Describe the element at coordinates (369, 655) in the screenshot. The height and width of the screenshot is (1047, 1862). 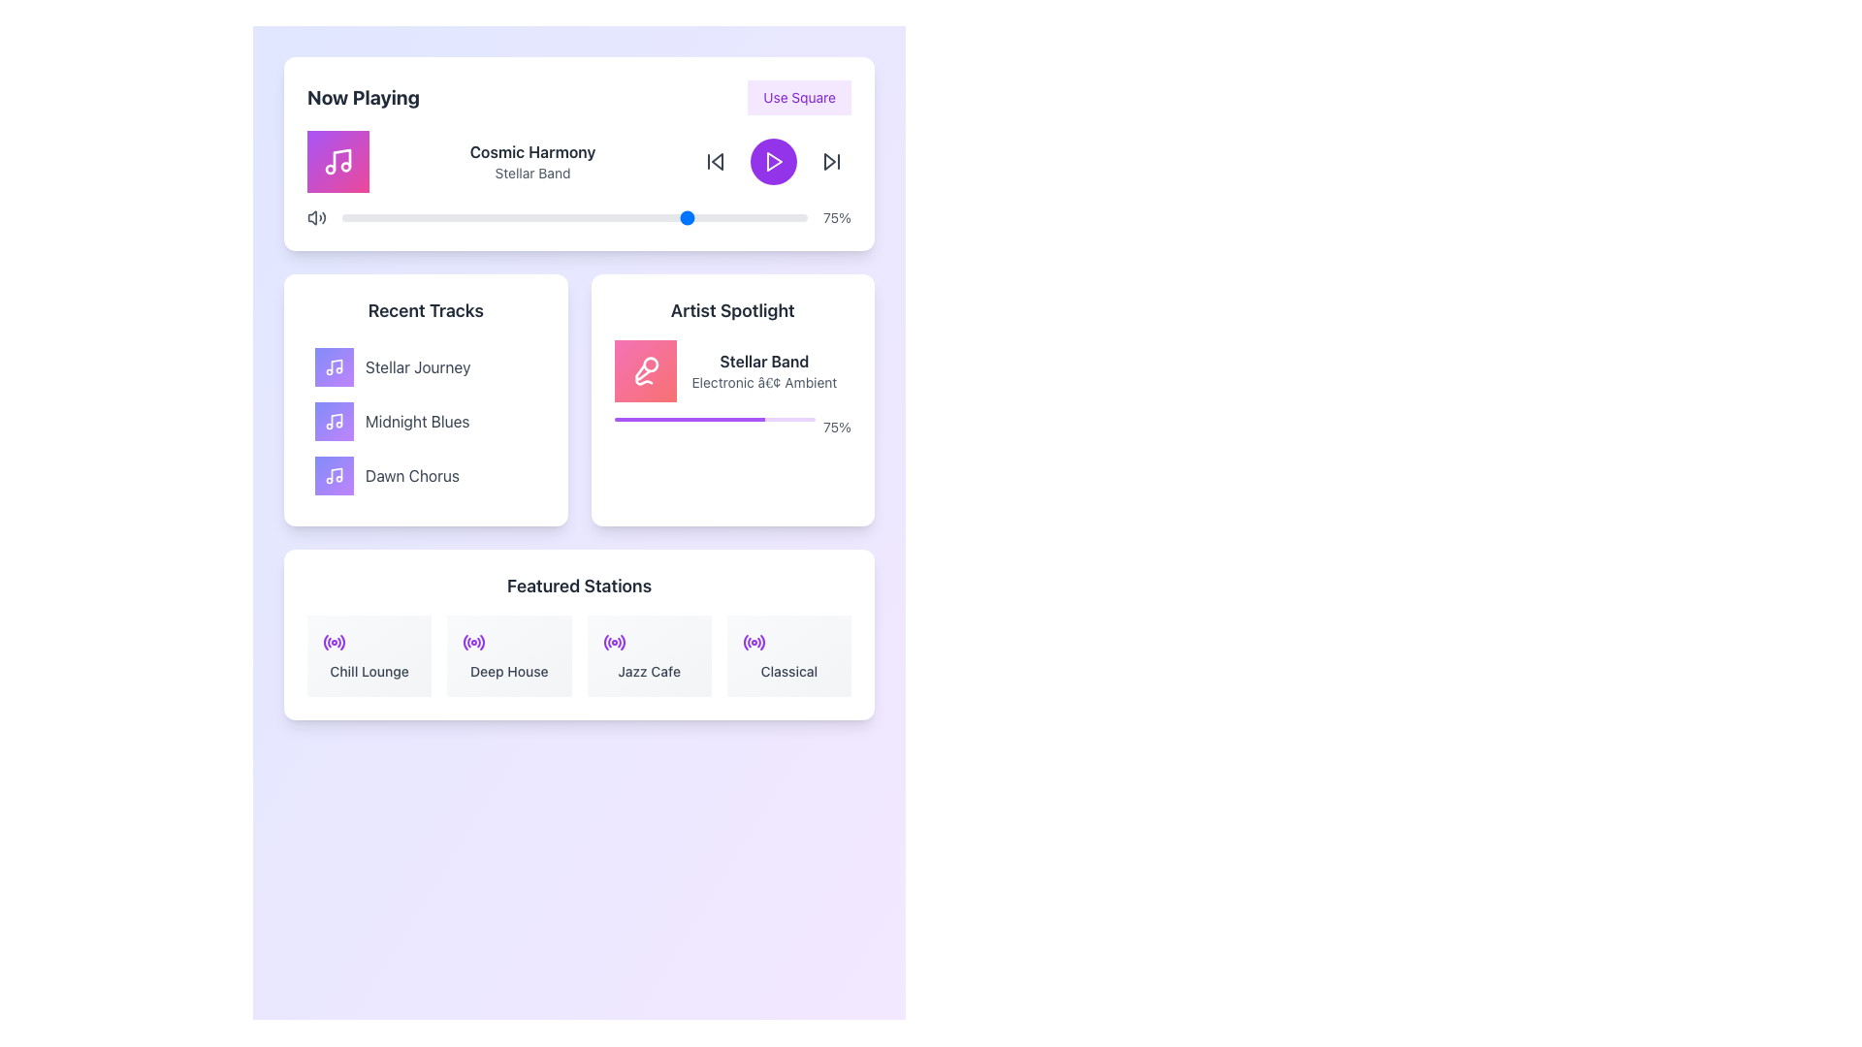
I see `the 'Chill Lounge' card, which is the first card in the 'Featured Stations' row` at that location.